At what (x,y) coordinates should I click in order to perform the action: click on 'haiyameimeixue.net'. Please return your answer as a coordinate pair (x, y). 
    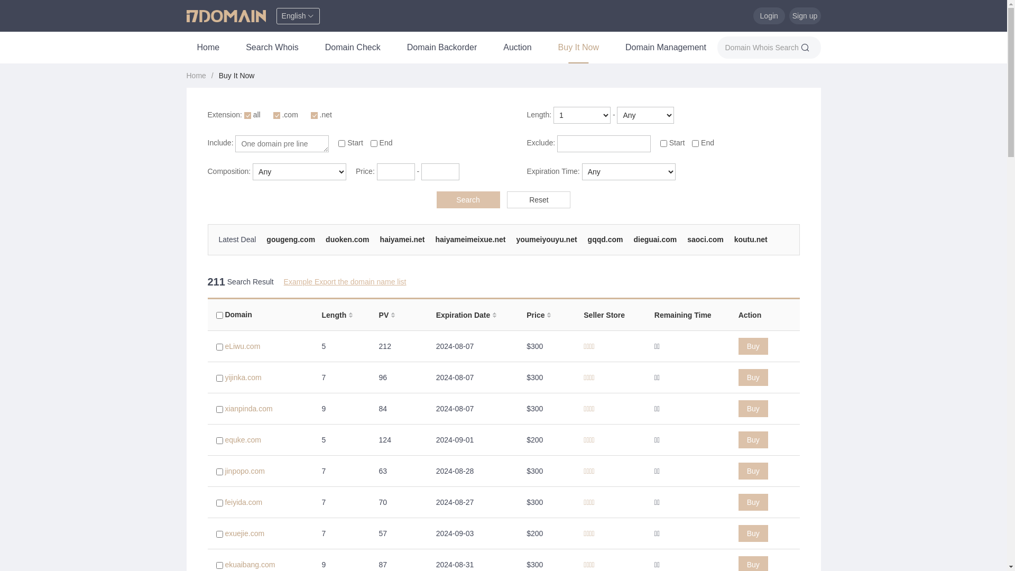
    Looking at the image, I should click on (469, 239).